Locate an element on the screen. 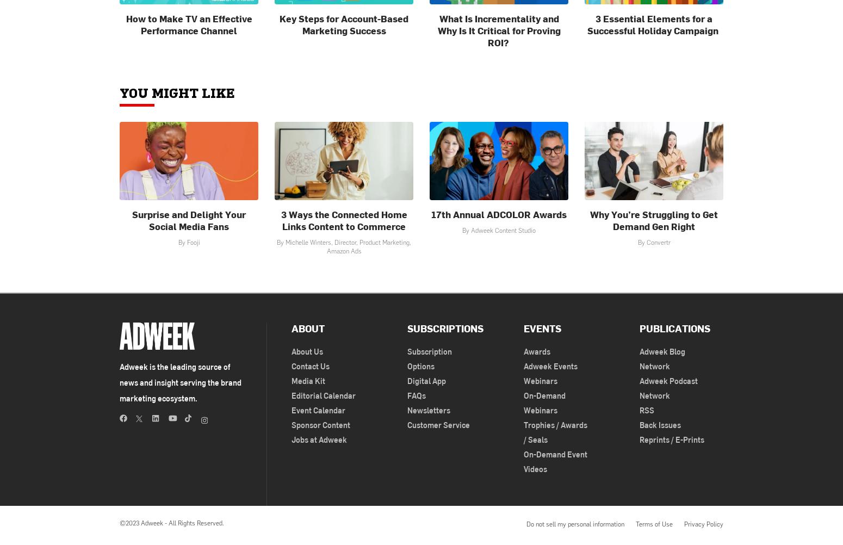  'Event Calendar' is located at coordinates (318, 409).